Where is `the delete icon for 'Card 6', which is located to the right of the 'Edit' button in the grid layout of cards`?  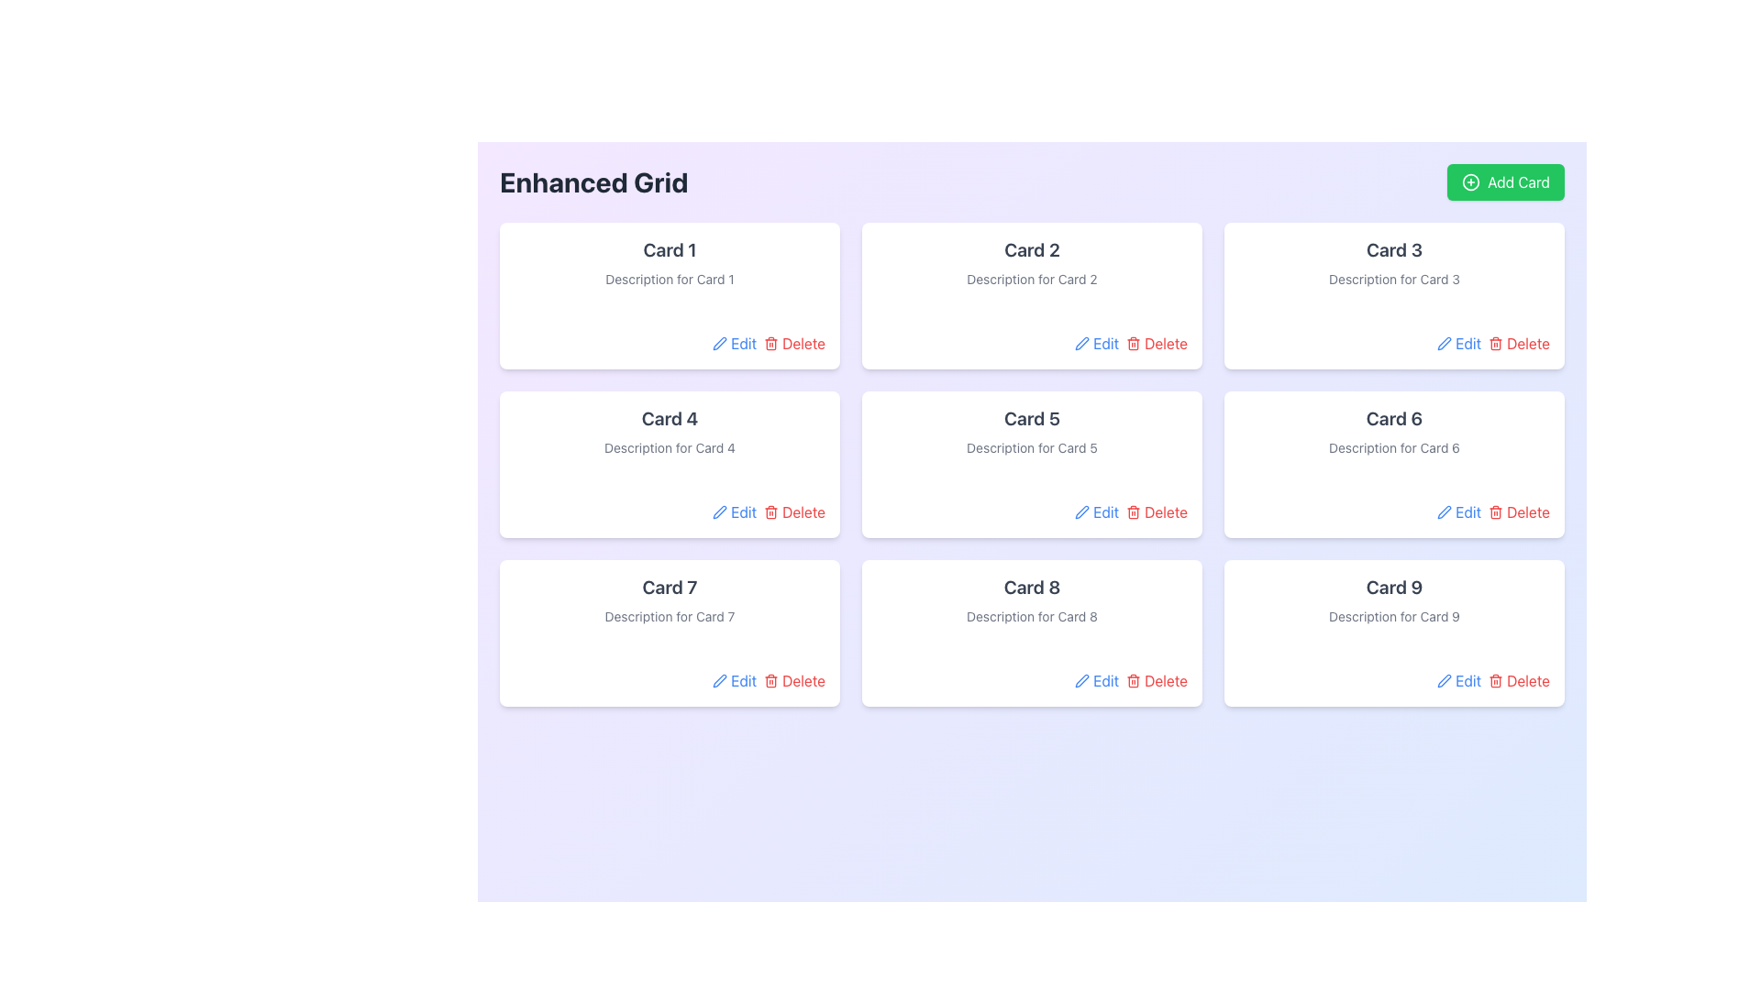
the delete icon for 'Card 6', which is located to the right of the 'Edit' button in the grid layout of cards is located at coordinates (1496, 512).